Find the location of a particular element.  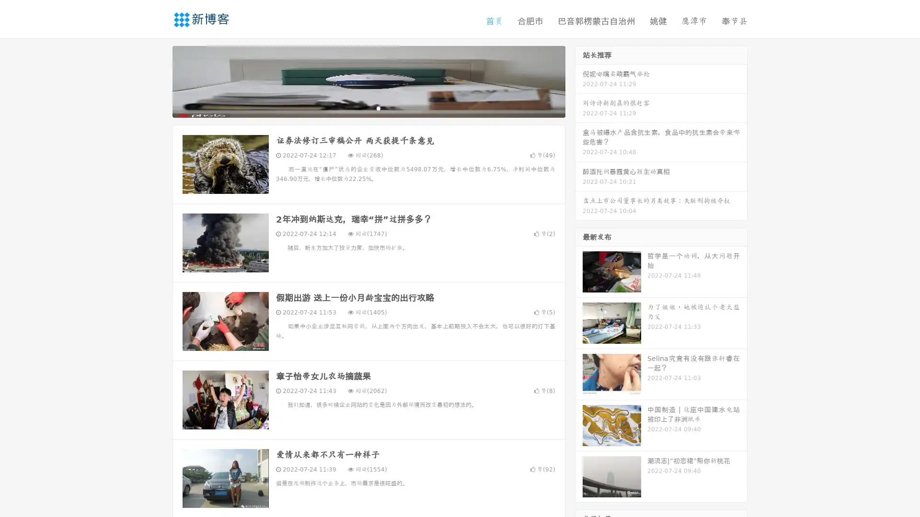

Go to slide 1 is located at coordinates (358, 108).